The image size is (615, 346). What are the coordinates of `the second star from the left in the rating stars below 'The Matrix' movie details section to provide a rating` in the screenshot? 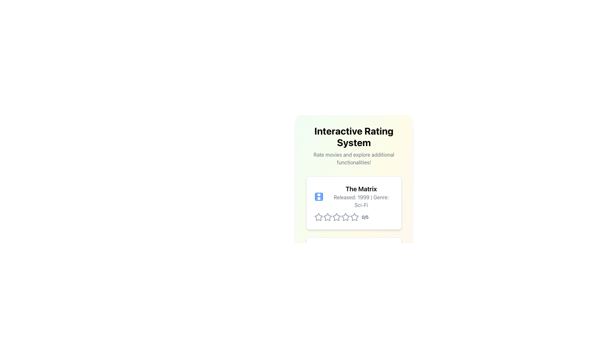 It's located at (336, 217).